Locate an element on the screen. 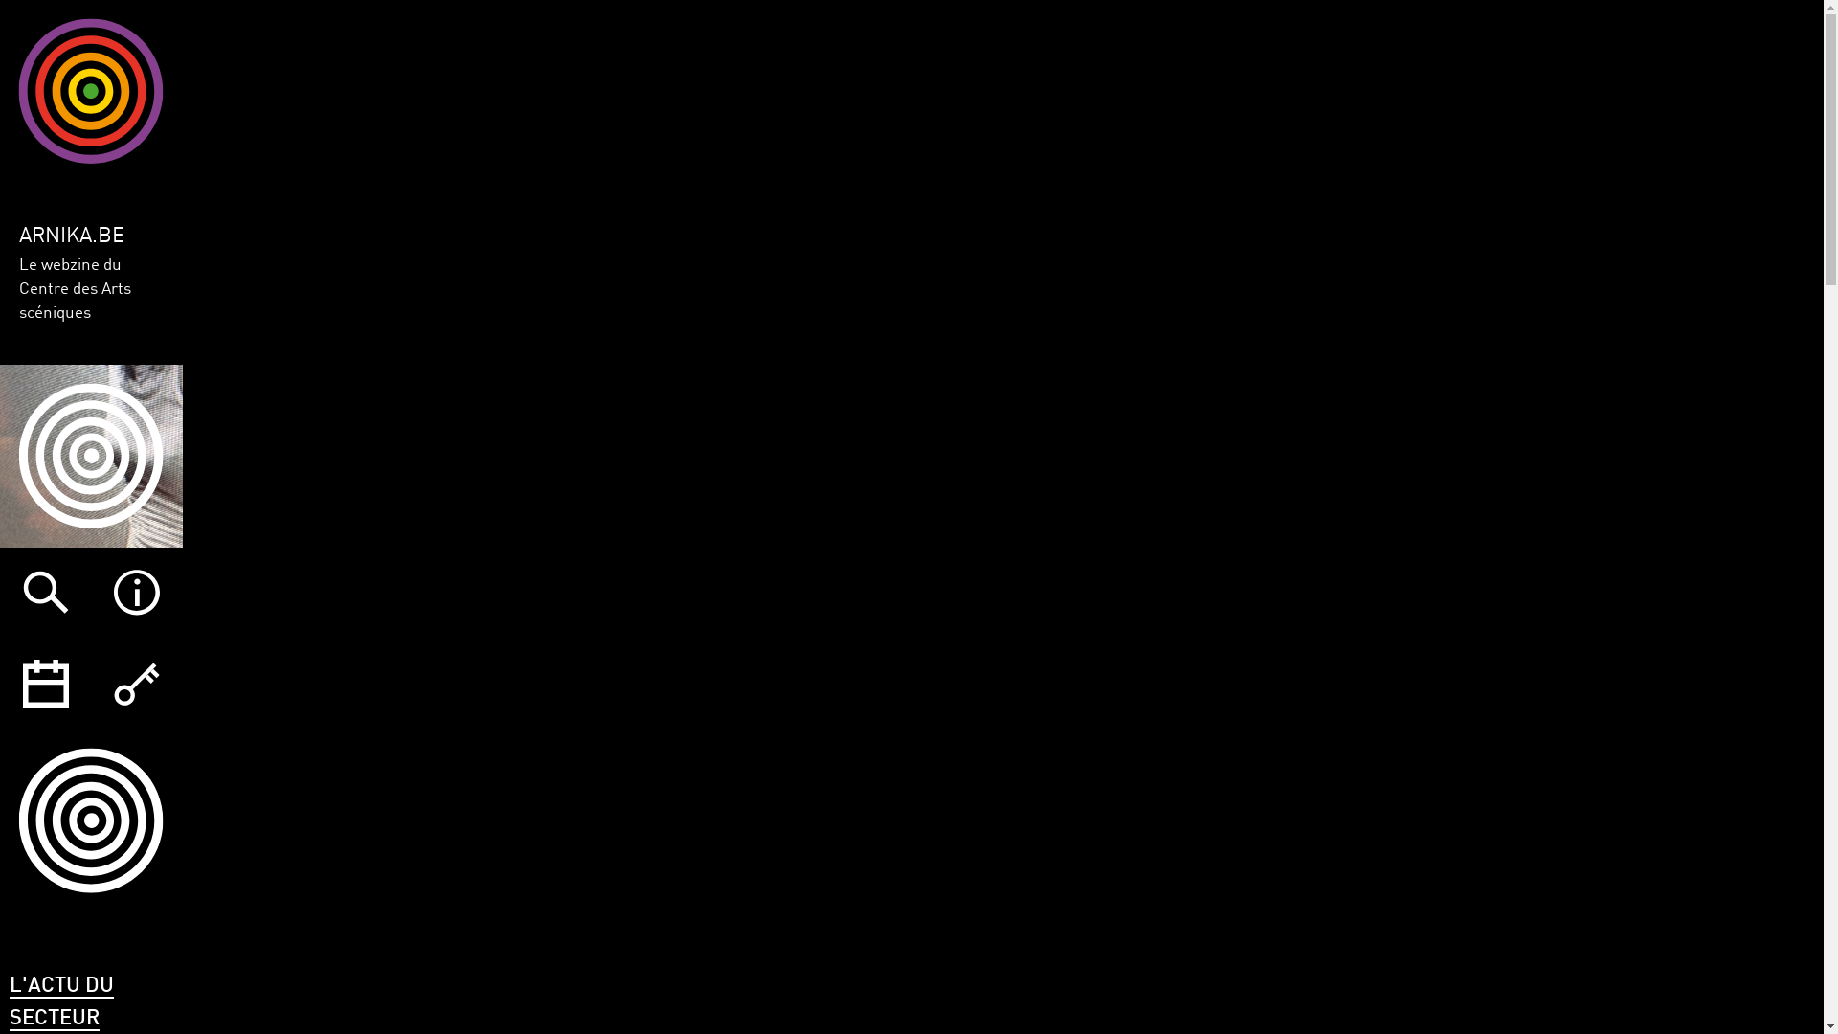 The image size is (1838, 1034). 'Connexion' is located at coordinates (135, 683).